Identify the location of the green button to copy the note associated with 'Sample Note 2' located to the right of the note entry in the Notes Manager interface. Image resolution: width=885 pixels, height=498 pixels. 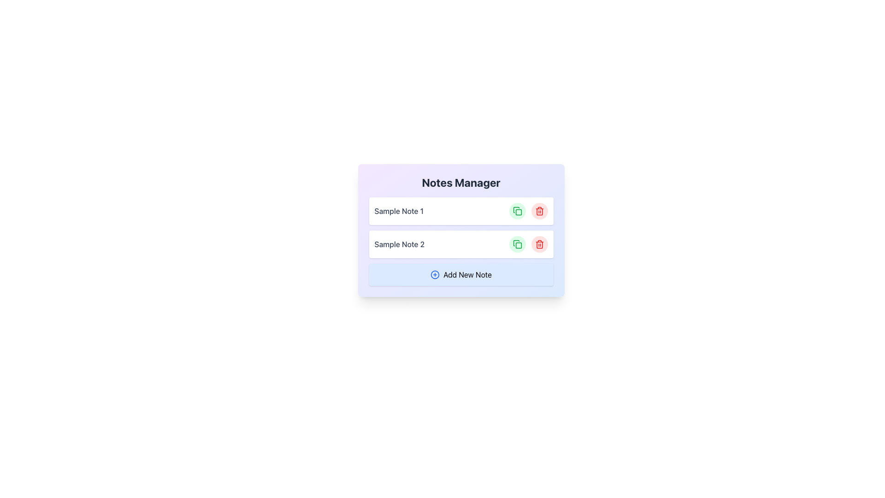
(528, 243).